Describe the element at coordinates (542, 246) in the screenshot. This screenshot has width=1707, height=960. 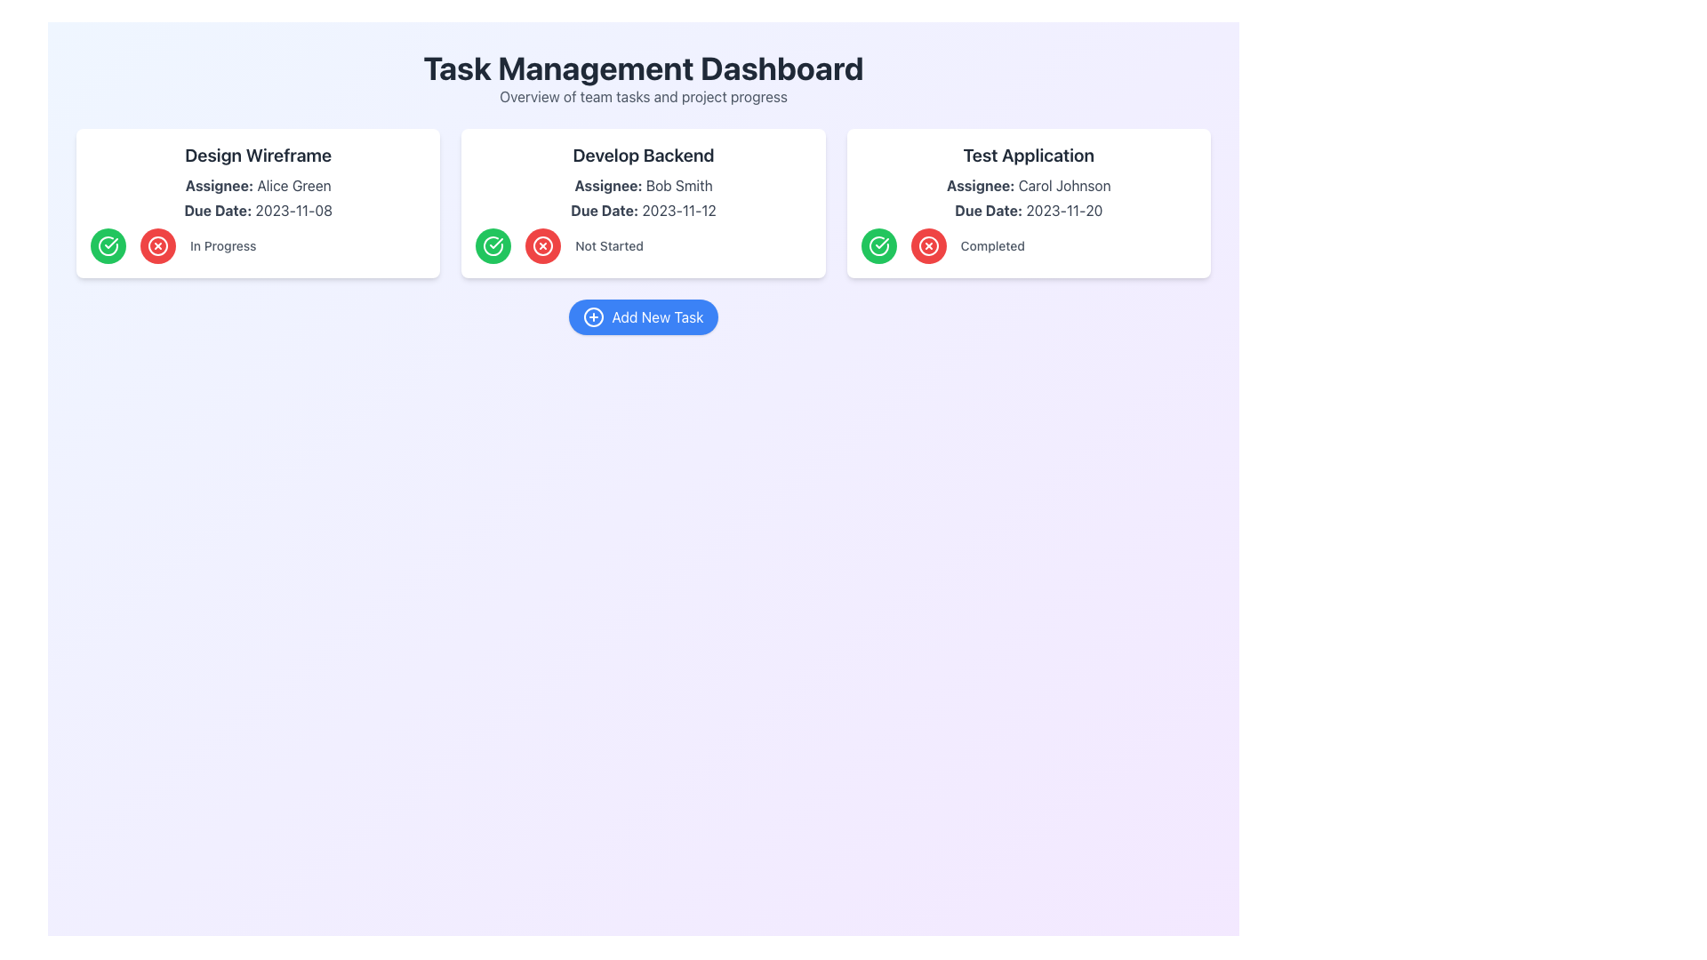
I see `the circular red icon with an X design, located within the 'Develop Backend' task card` at that location.